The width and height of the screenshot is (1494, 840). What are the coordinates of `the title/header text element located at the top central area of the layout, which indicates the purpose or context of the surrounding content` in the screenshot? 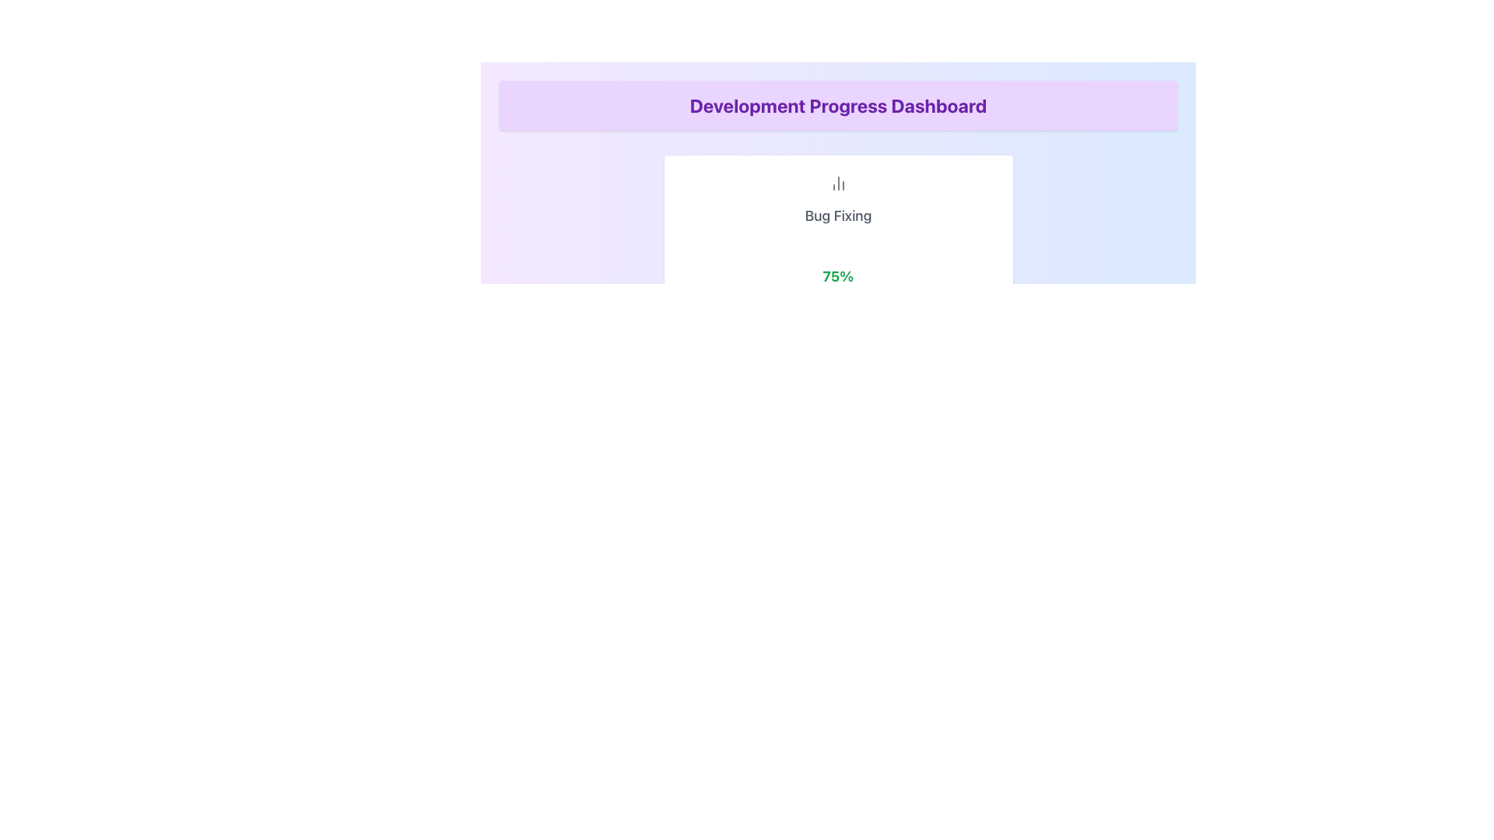 It's located at (837, 105).